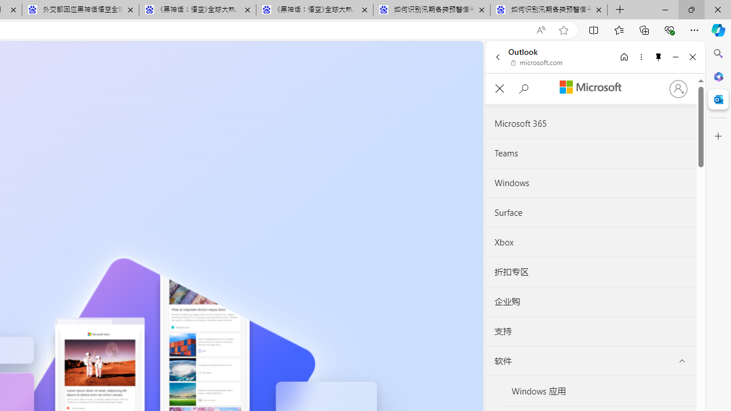 This screenshot has height=411, width=731. Describe the element at coordinates (591, 212) in the screenshot. I see `'Surface'` at that location.